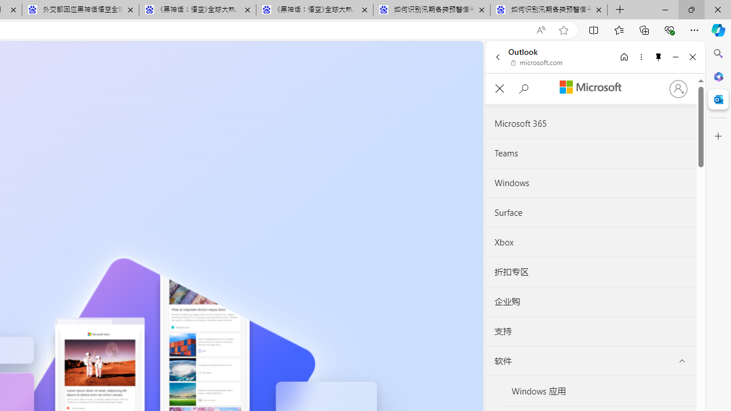 This screenshot has height=411, width=731. Describe the element at coordinates (591, 212) in the screenshot. I see `'Surface'` at that location.